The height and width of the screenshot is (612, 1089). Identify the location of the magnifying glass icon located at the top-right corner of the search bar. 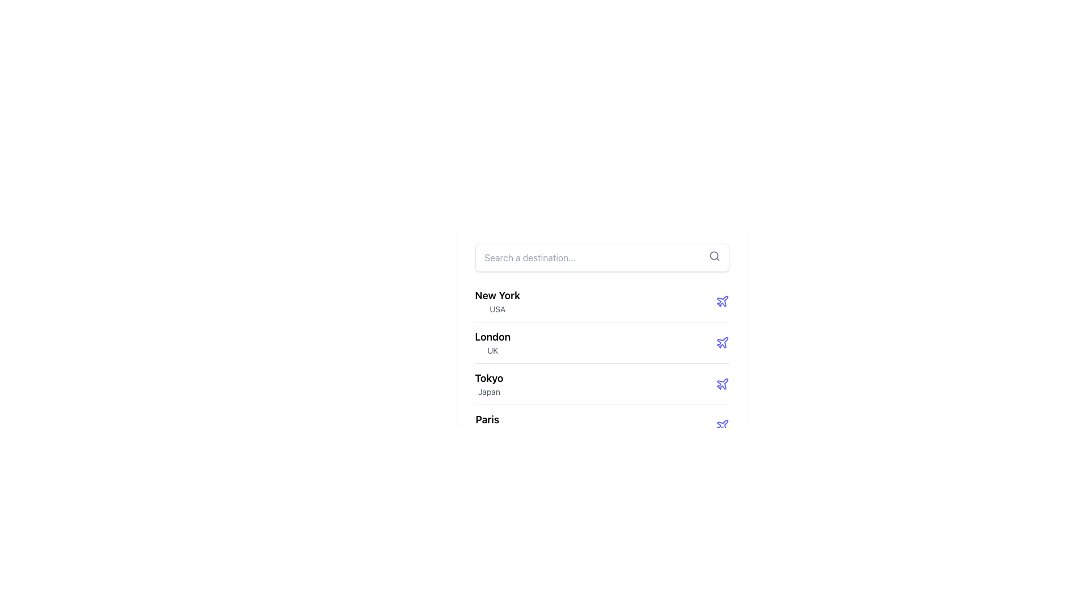
(714, 256).